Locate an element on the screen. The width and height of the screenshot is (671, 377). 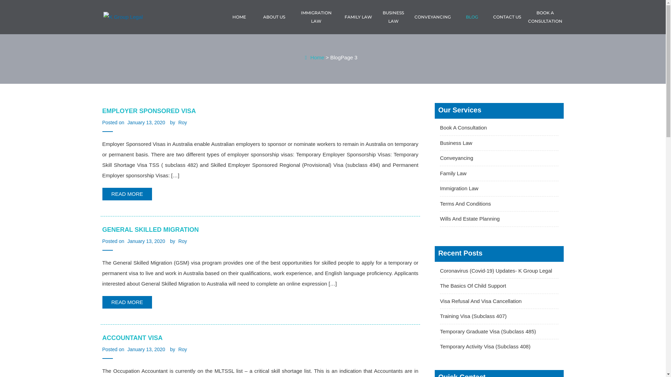
'Terms And Conditions' is located at coordinates (439, 204).